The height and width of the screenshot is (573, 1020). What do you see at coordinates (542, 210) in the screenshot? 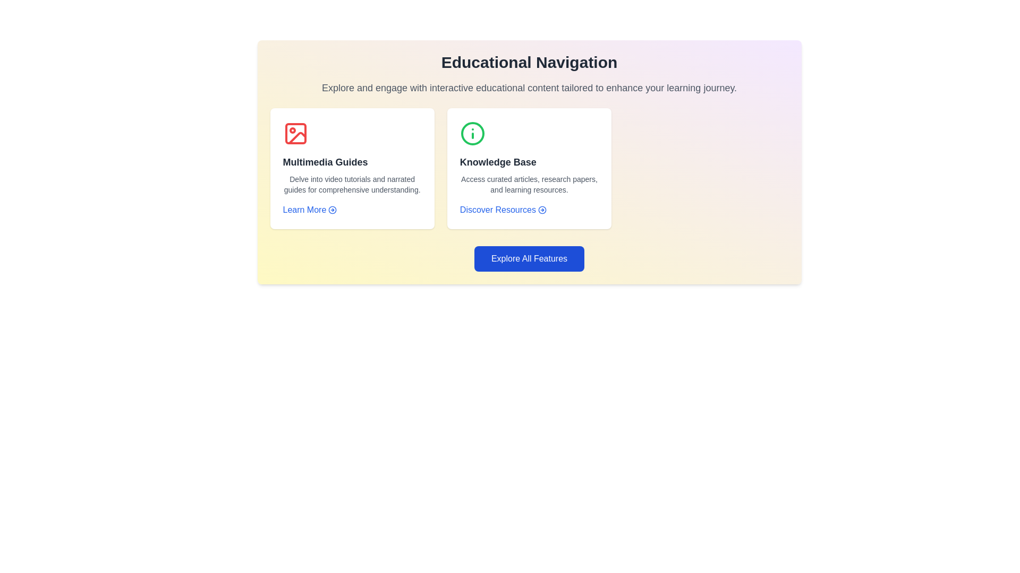
I see `the interactive icon located to the right of the 'Discover Resources' text in the 'Knowledge Base' section` at bounding box center [542, 210].